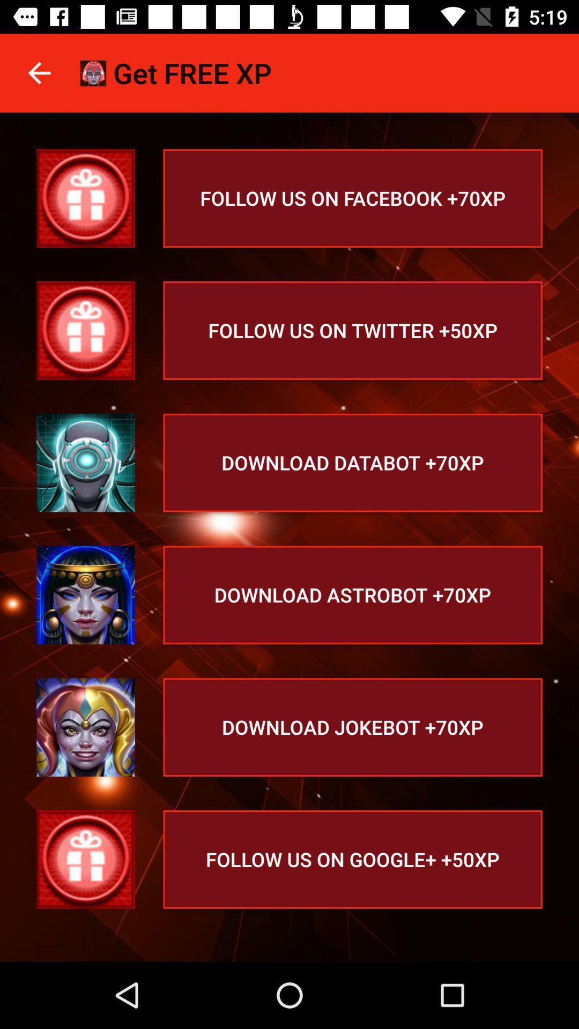 This screenshot has width=579, height=1029. Describe the element at coordinates (85, 198) in the screenshot. I see `switch to pickup gifts` at that location.